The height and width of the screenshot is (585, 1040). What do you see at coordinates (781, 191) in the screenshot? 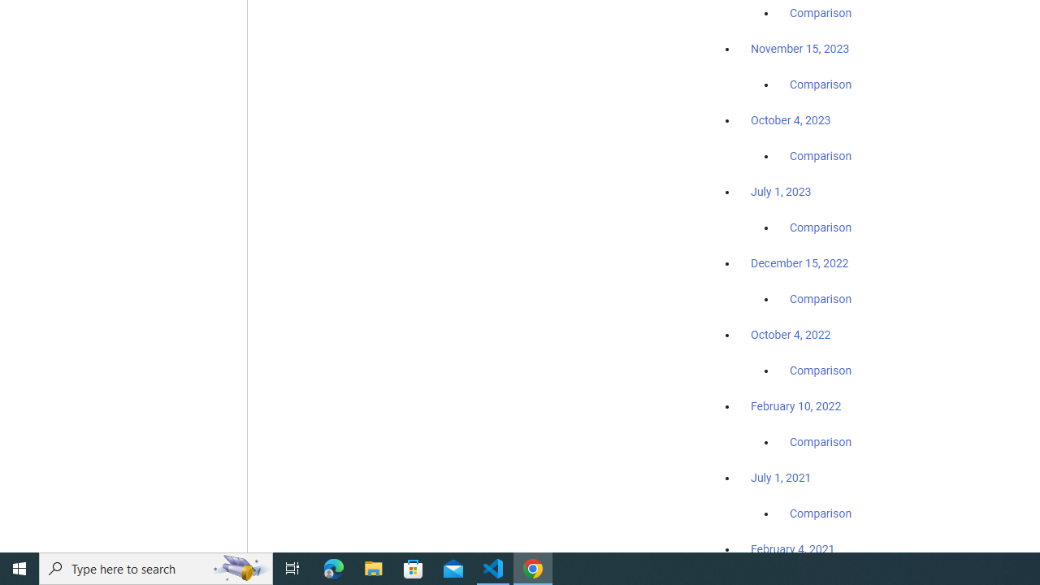
I see `'July 1, 2023'` at bounding box center [781, 191].